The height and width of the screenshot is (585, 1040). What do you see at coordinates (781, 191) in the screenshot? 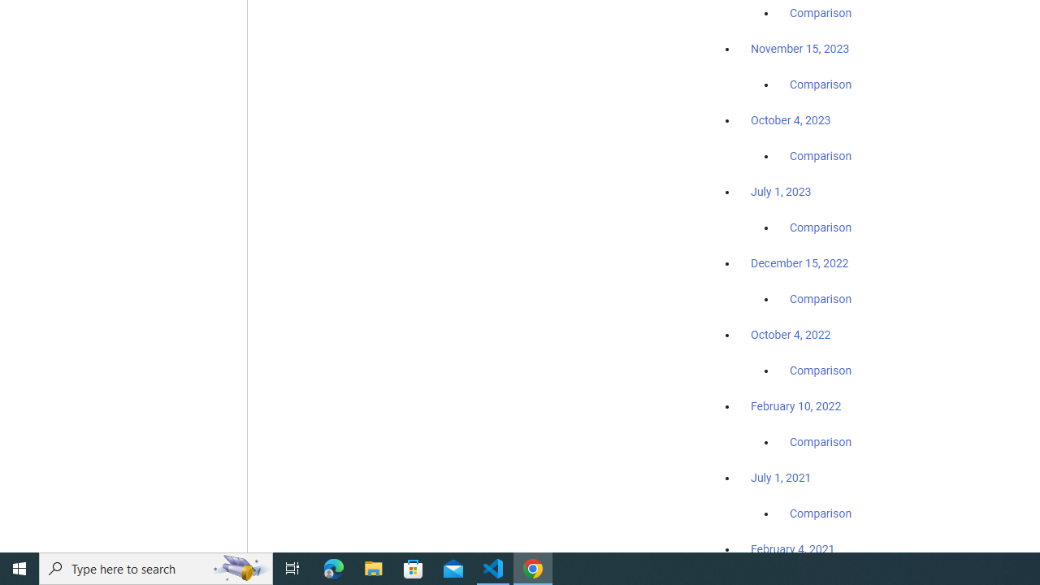
I see `'July 1, 2023'` at bounding box center [781, 191].